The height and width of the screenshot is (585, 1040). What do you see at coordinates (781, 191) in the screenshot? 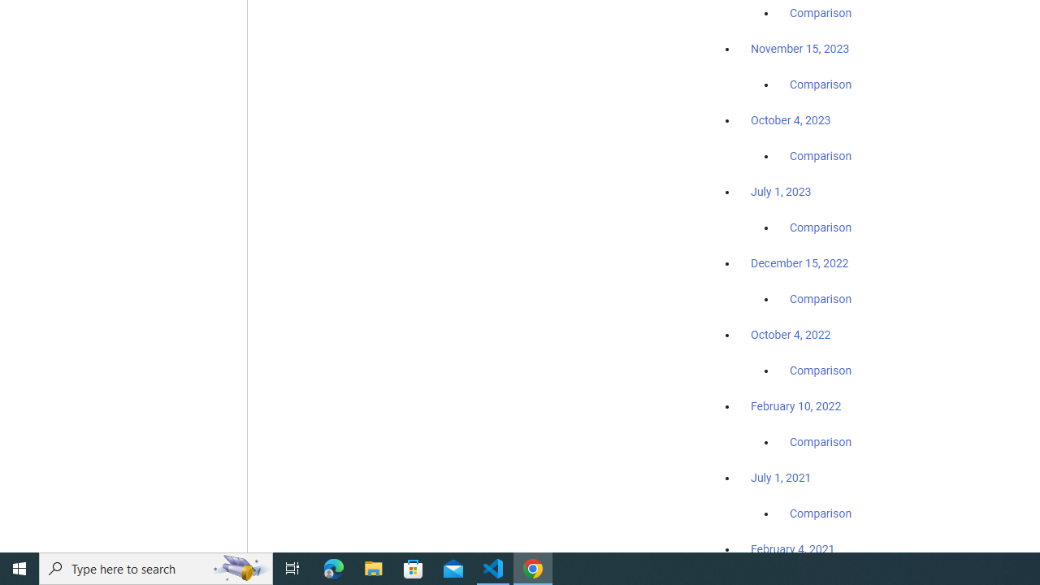
I see `'July 1, 2023'` at bounding box center [781, 191].